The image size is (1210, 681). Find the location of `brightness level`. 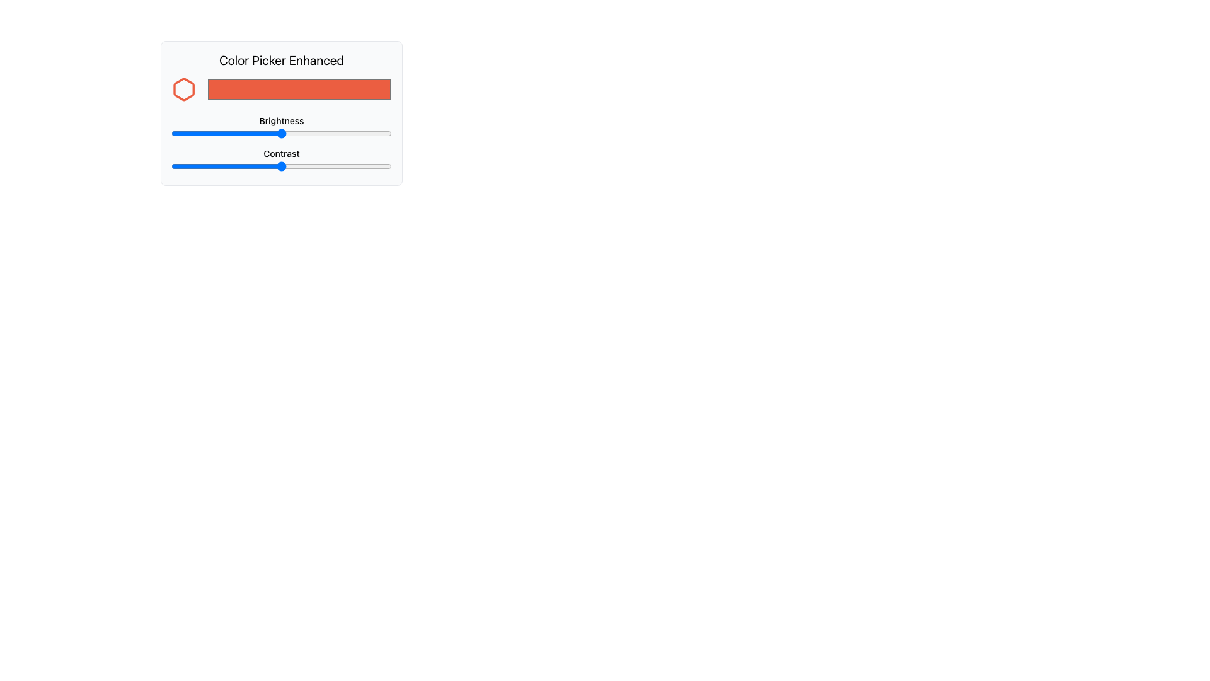

brightness level is located at coordinates (306, 134).